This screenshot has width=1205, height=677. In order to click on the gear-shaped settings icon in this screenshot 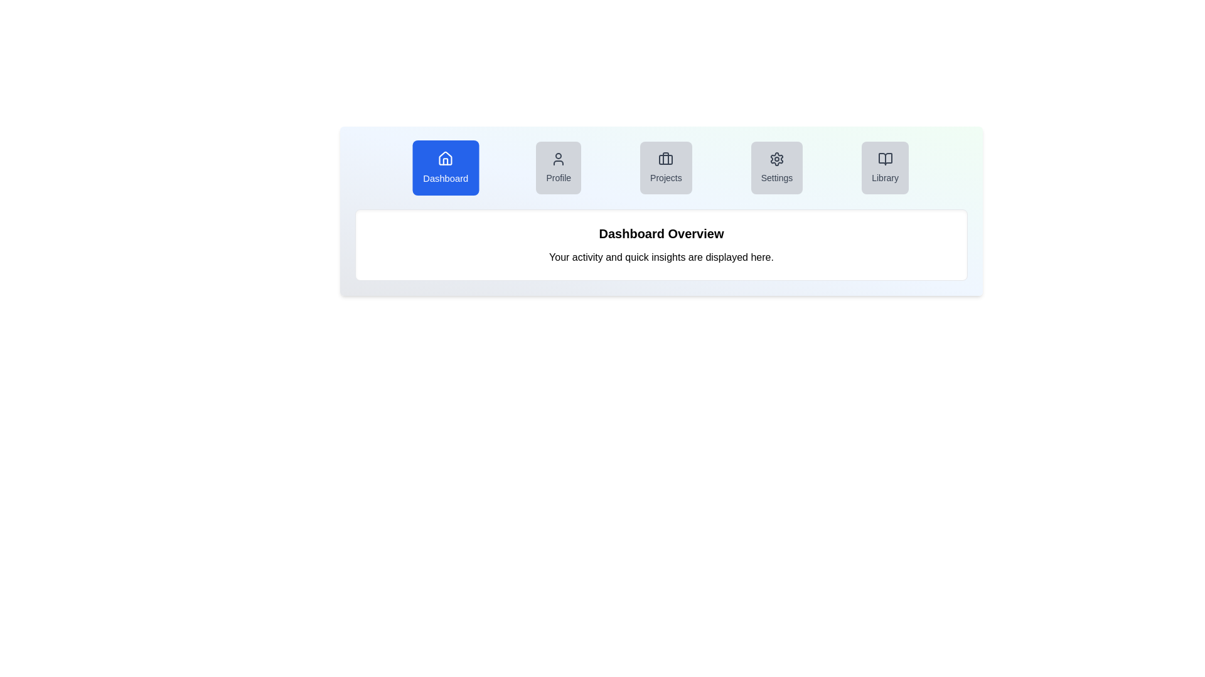, I will do `click(776, 159)`.